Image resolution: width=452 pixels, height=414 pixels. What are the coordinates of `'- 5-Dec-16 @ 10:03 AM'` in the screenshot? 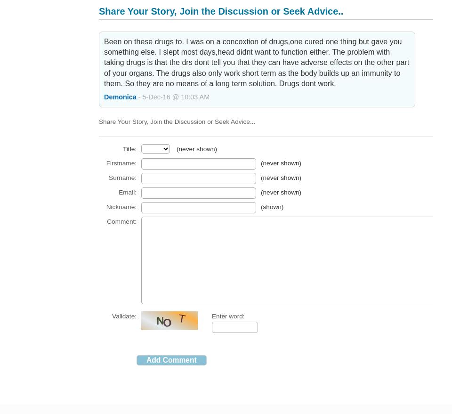 It's located at (137, 96).